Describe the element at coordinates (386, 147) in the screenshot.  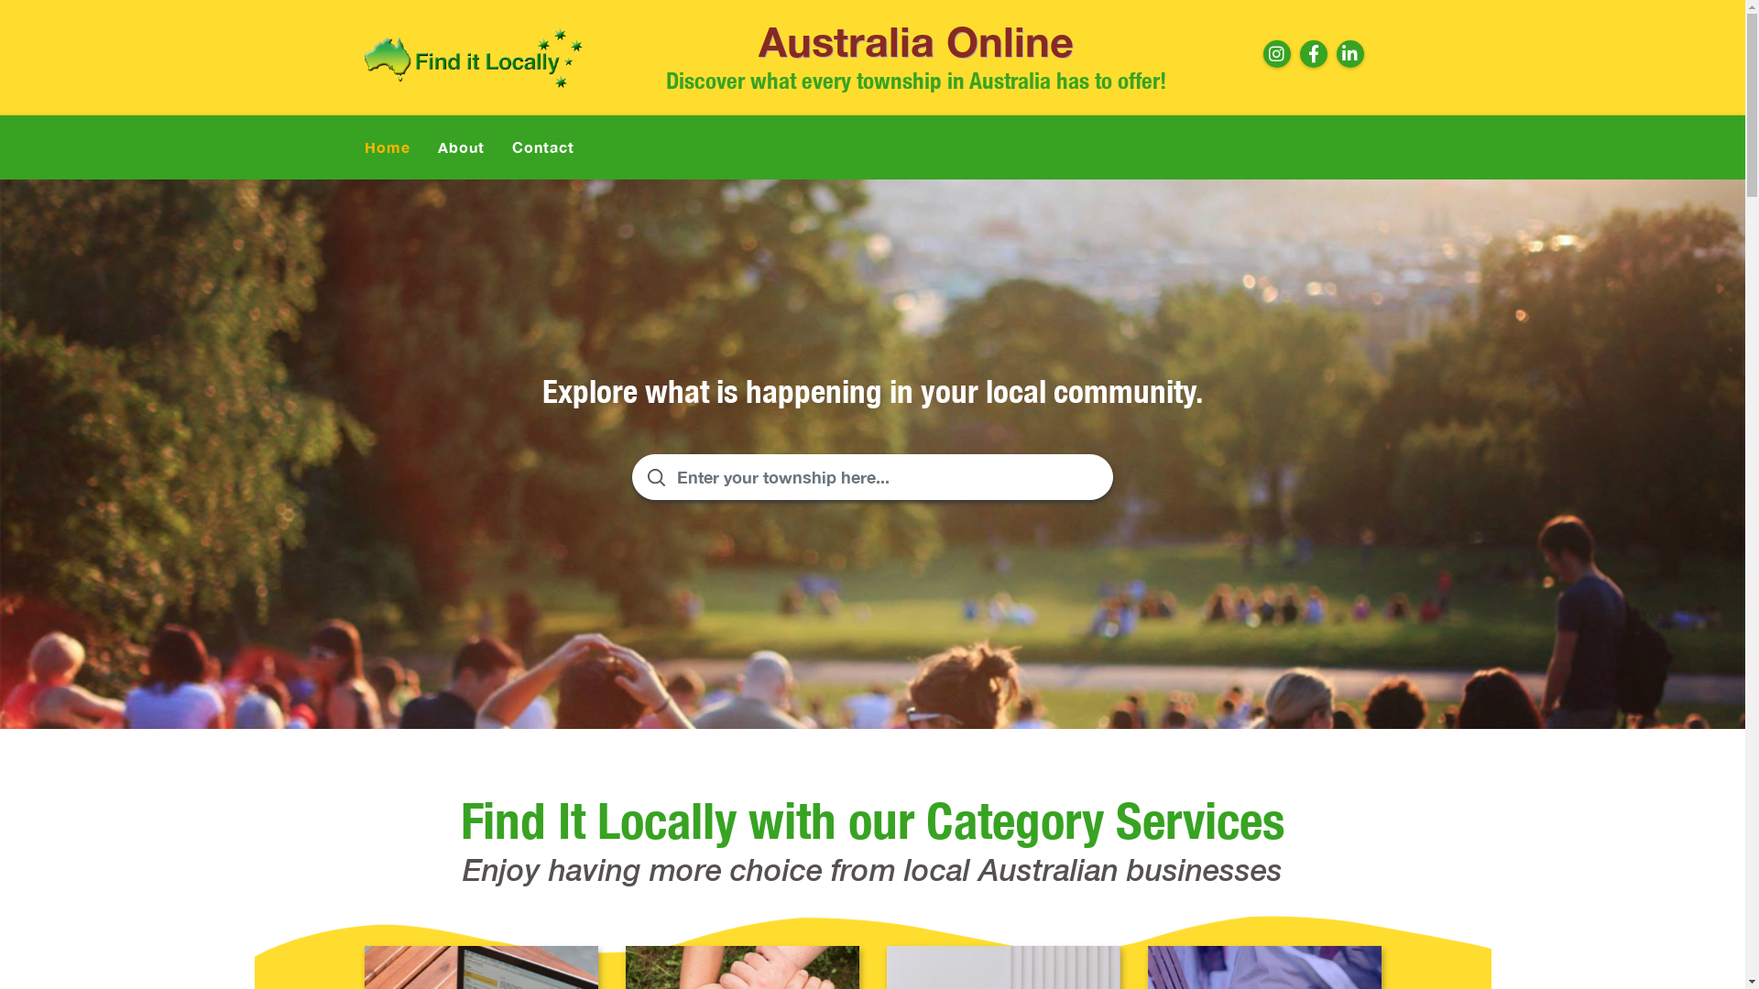
I see `'Home'` at that location.